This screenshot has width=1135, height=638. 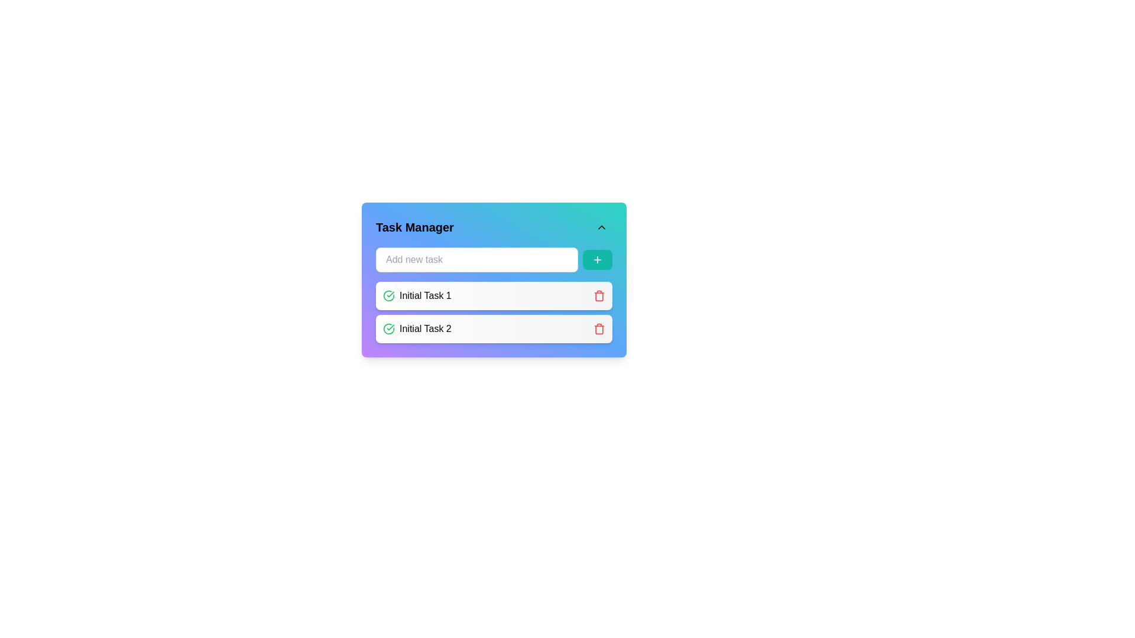 I want to click on the small circular button with an upward pointing chevron icon located at the top-right corner of the 'Task Manager' header bar, so click(x=601, y=227).